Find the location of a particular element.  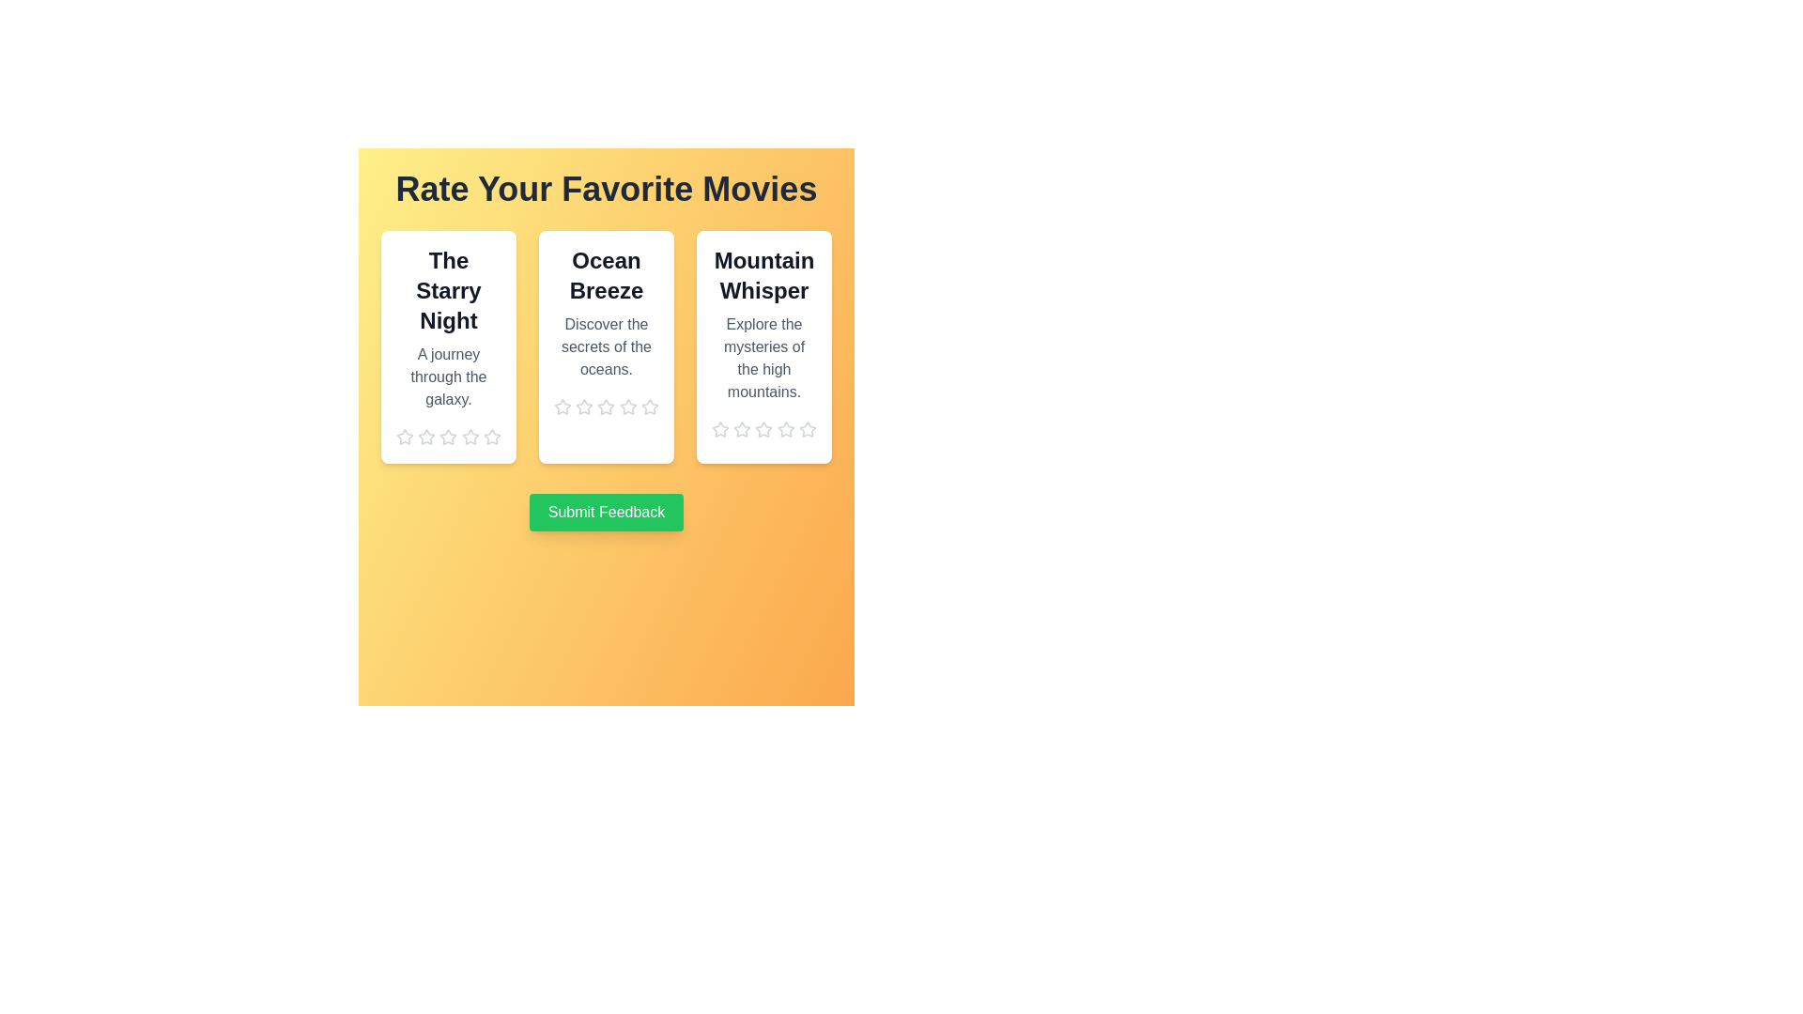

the star corresponding to 4 stars to preview the rating is located at coordinates (470, 438).